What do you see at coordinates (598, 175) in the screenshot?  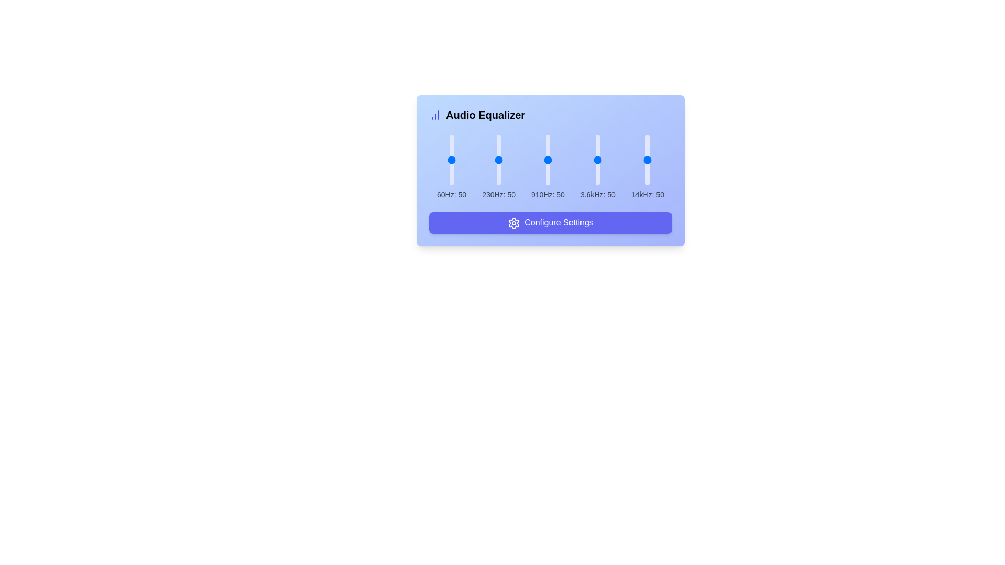 I see `the 3.6kHz slider` at bounding box center [598, 175].